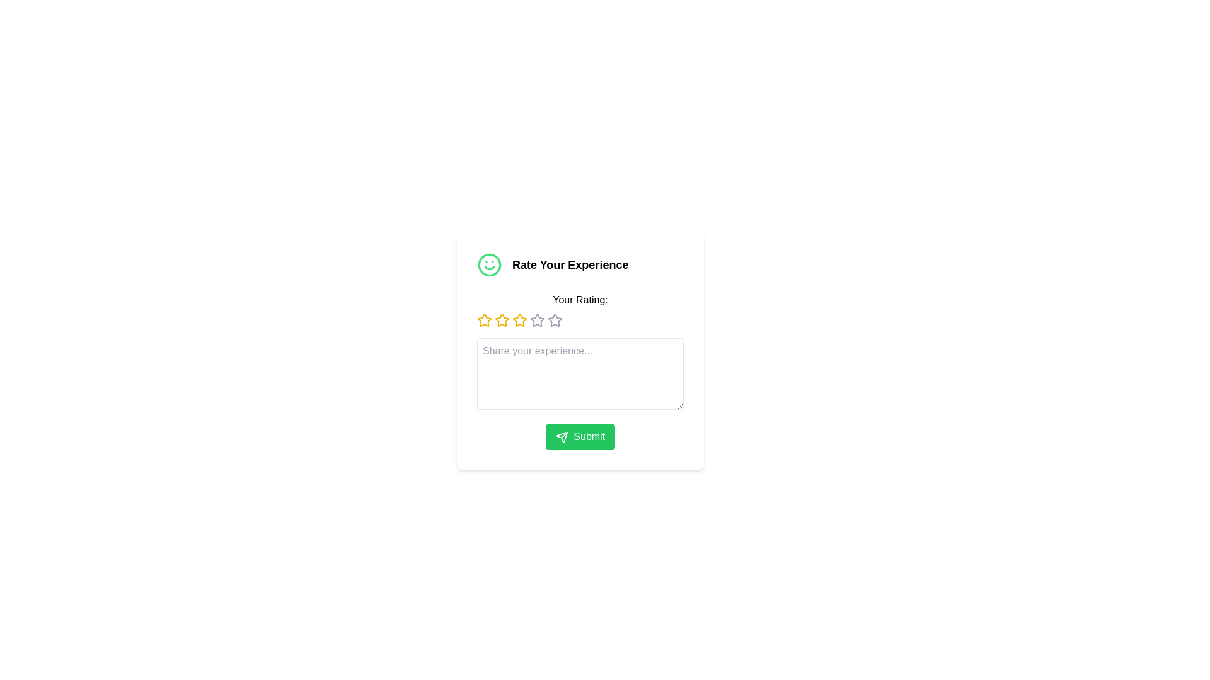 This screenshot has width=1210, height=680. What do you see at coordinates (555, 319) in the screenshot?
I see `the fourth star-shaped rating icon, which has a gray outline and white fill, located in a feedback form under the 'Your Rating:' label` at bounding box center [555, 319].